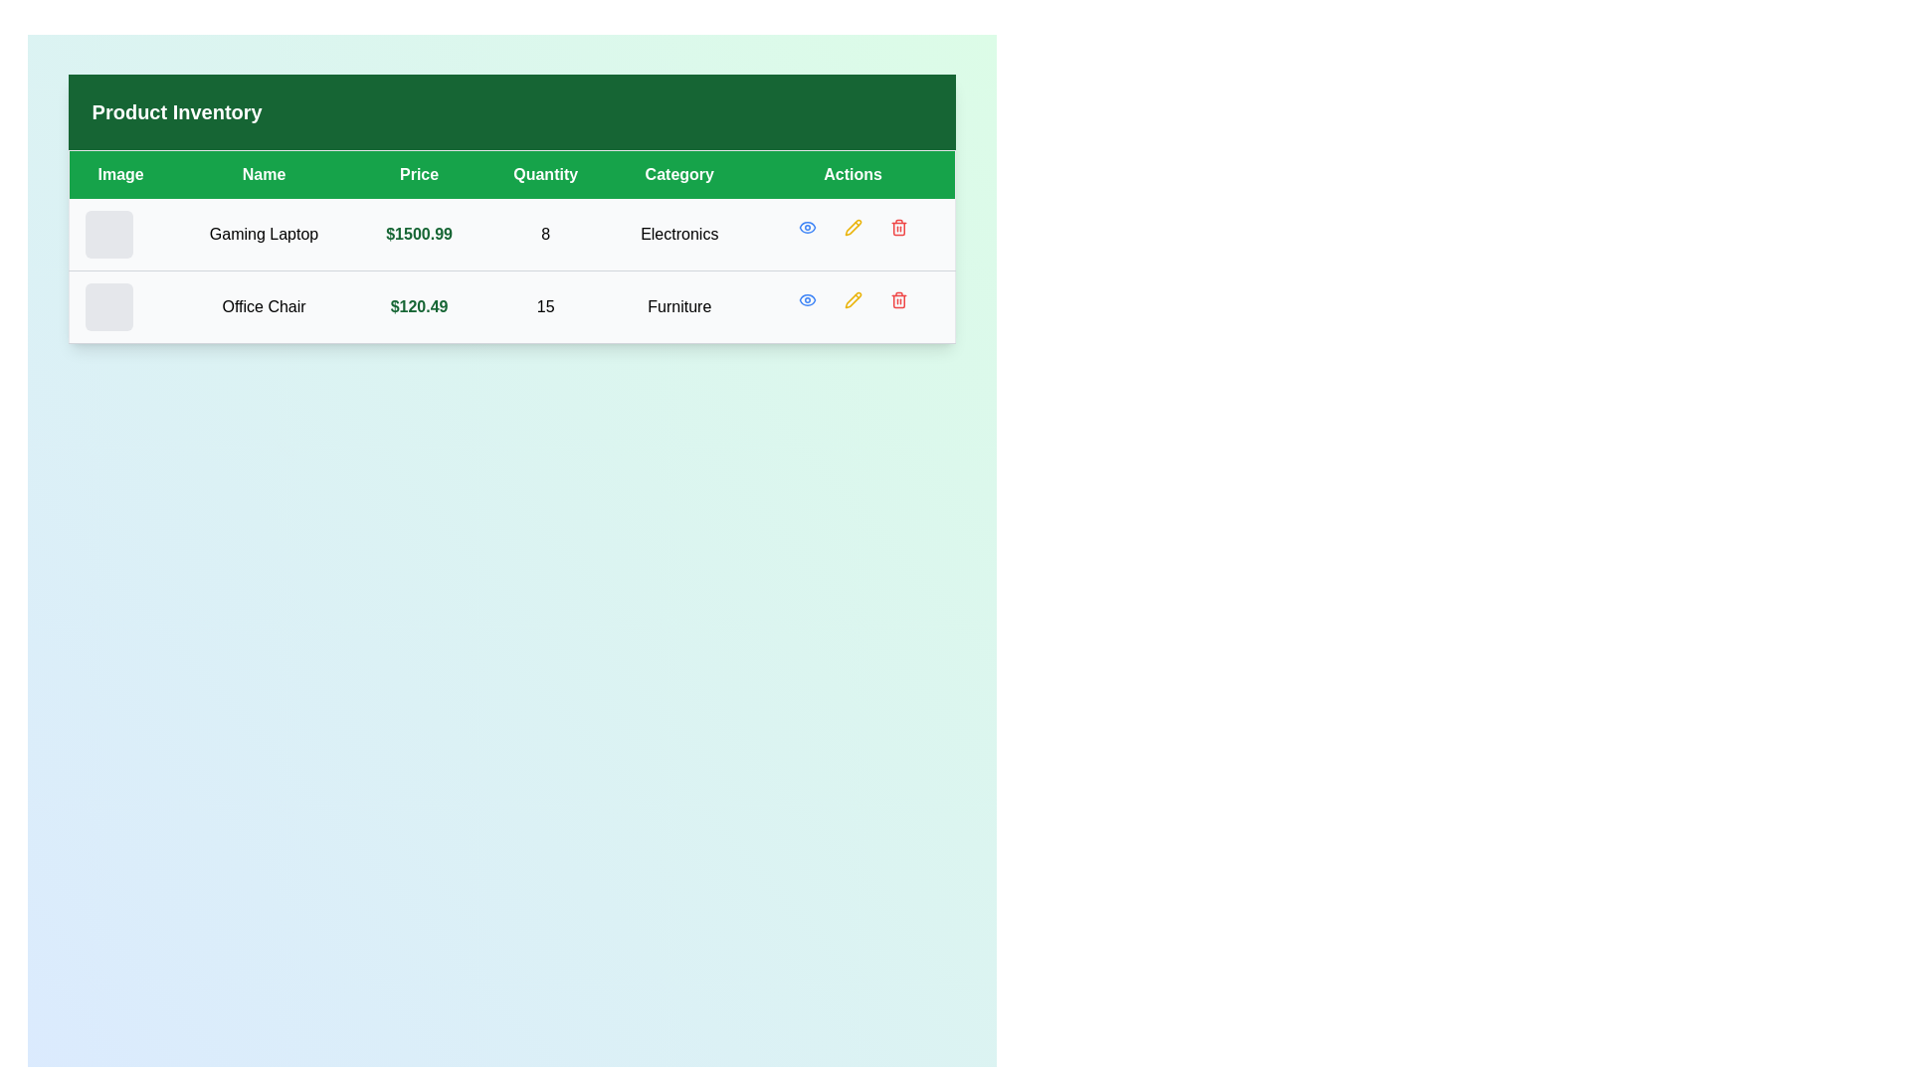 This screenshot has height=1074, width=1910. I want to click on the pencil-shaped edit icon in the Actions column of the first row, so click(853, 299).